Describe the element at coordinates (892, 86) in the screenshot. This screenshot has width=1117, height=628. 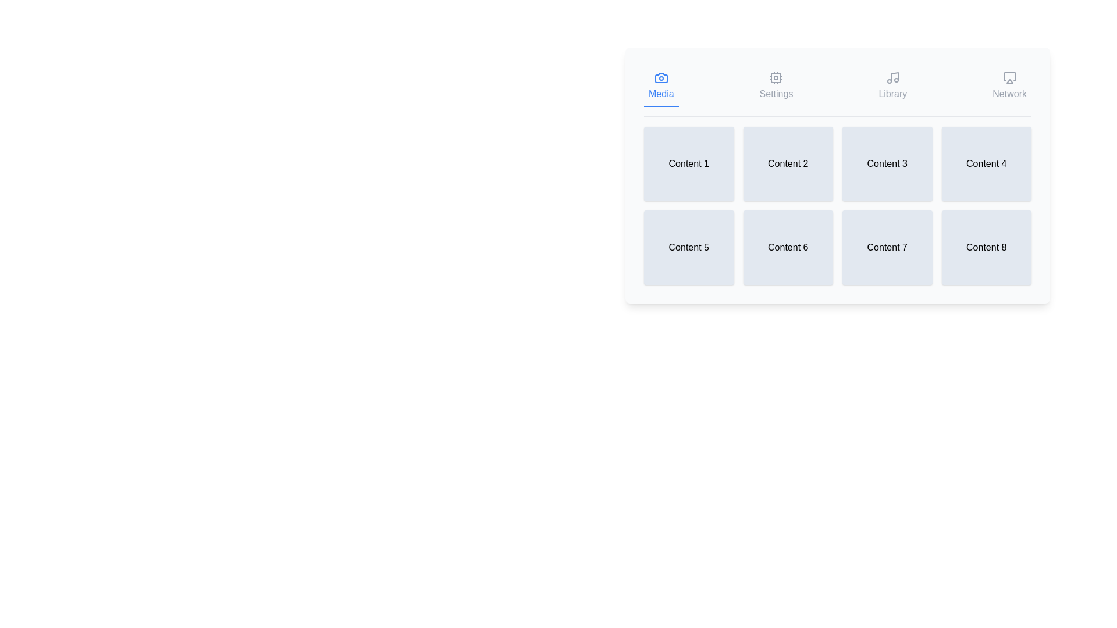
I see `the tab icon labeled Library to observe the tooltip or feedback` at that location.